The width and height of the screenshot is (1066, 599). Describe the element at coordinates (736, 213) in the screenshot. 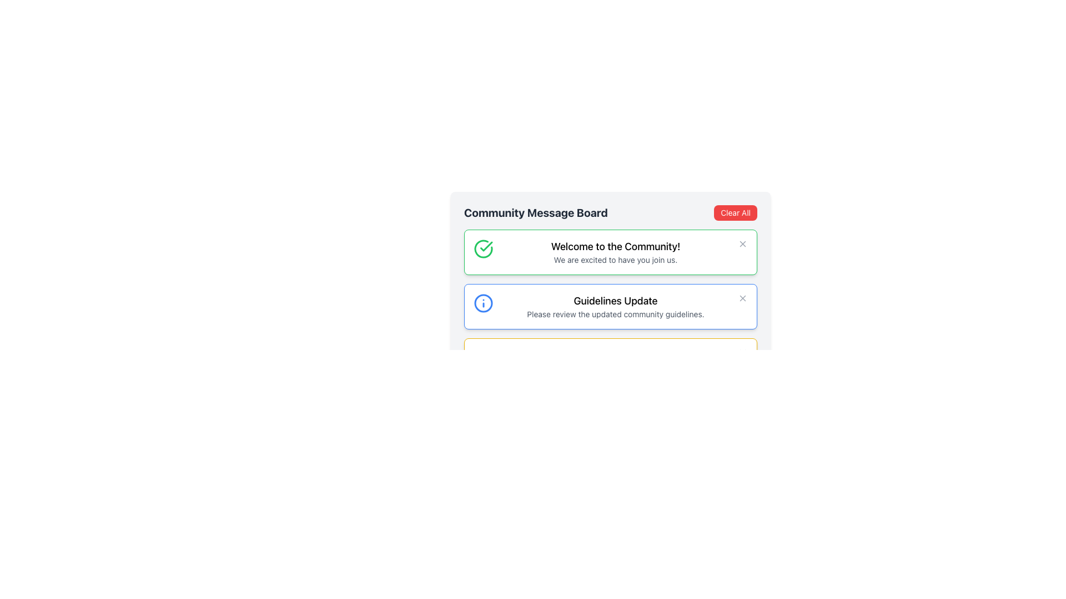

I see `the red rectangular button labeled 'Clear All' to change its appearance` at that location.